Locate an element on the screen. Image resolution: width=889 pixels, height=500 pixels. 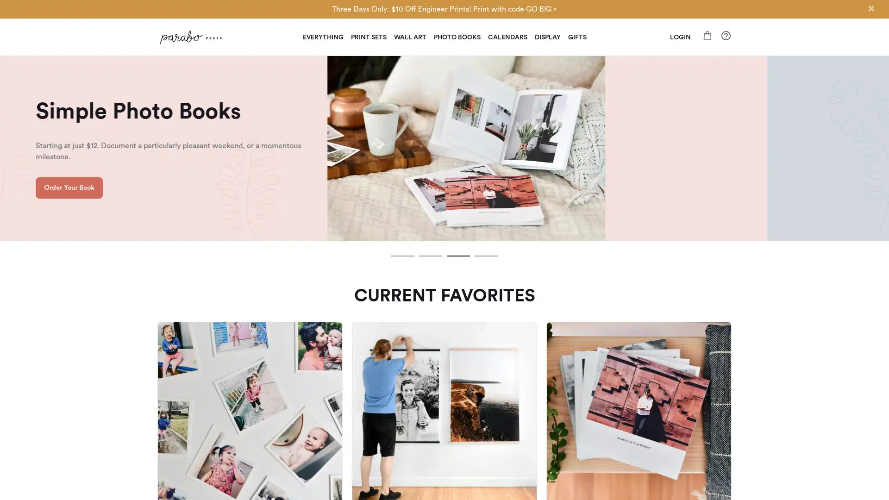
slide dot is located at coordinates (458, 256).